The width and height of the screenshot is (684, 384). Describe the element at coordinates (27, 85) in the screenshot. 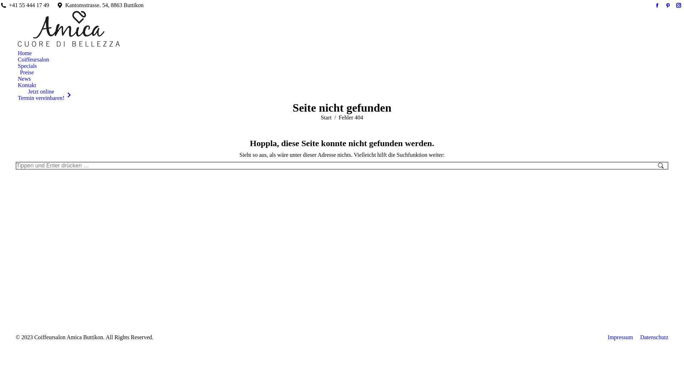

I see `'Kontakt'` at that location.